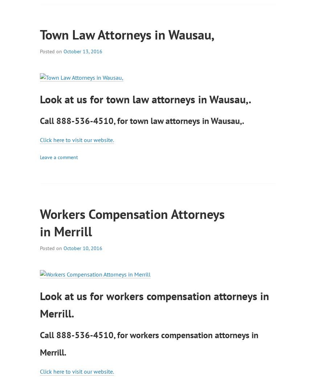  Describe the element at coordinates (59, 157) in the screenshot. I see `'Leave a comment'` at that location.